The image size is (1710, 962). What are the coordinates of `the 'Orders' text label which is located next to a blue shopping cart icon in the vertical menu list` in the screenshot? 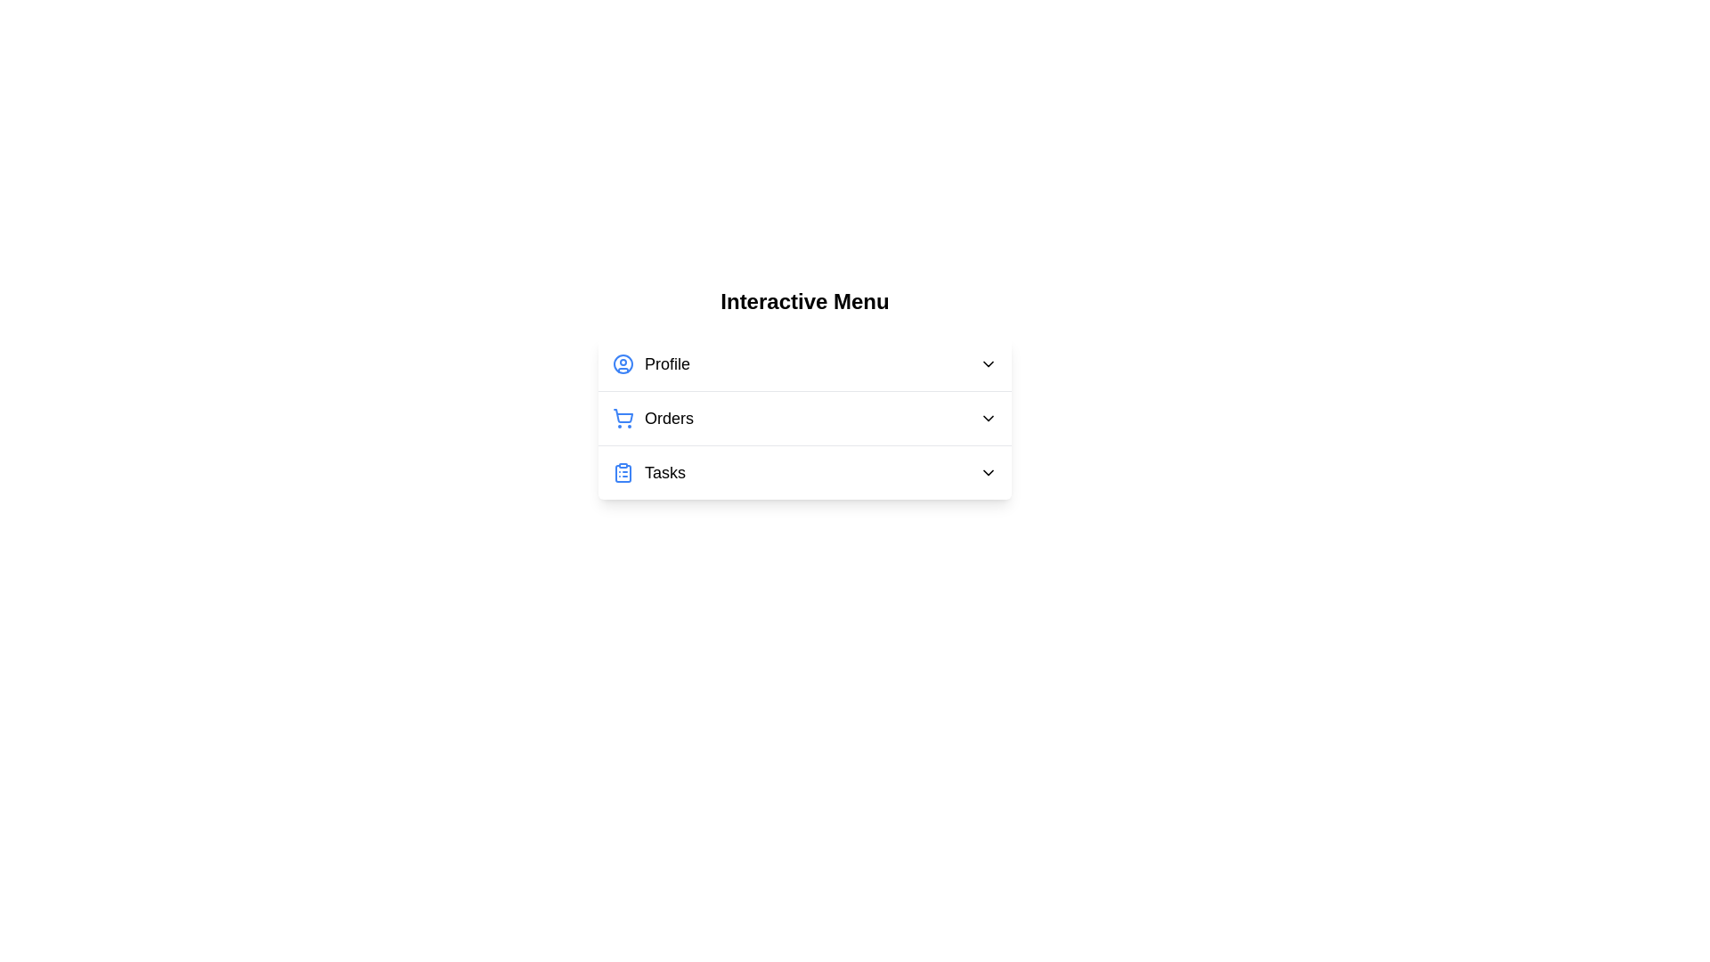 It's located at (652, 419).